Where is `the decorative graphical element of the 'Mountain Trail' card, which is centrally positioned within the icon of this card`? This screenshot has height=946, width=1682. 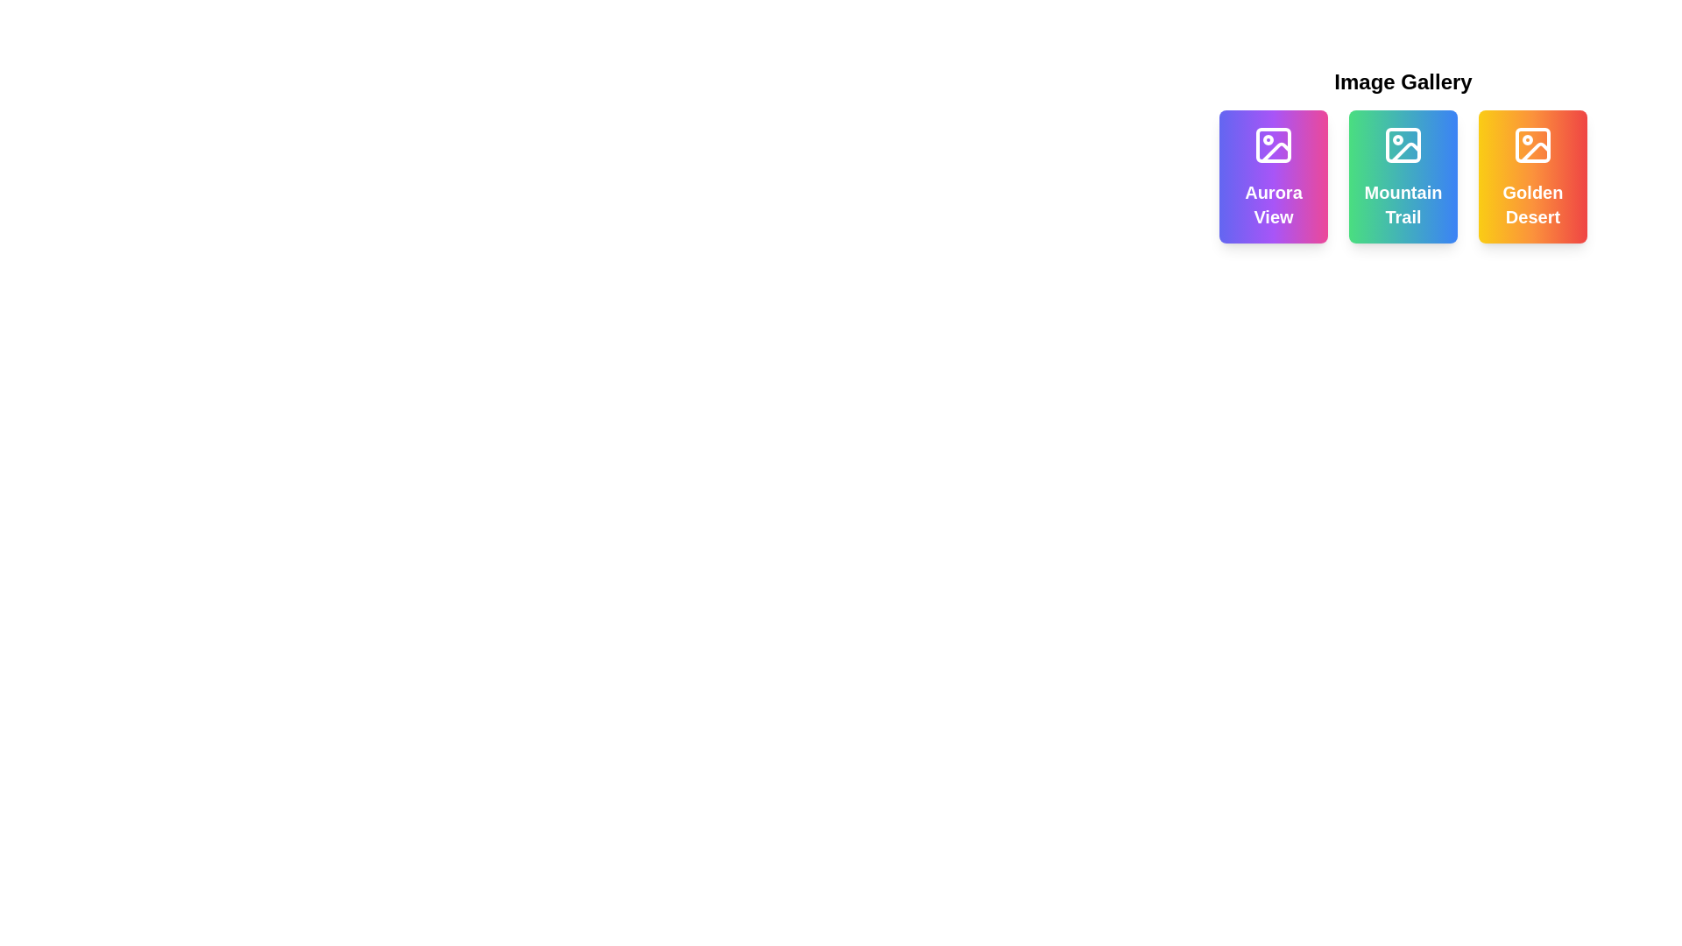
the decorative graphical element of the 'Mountain Trail' card, which is centrally positioned within the icon of this card is located at coordinates (1403, 144).